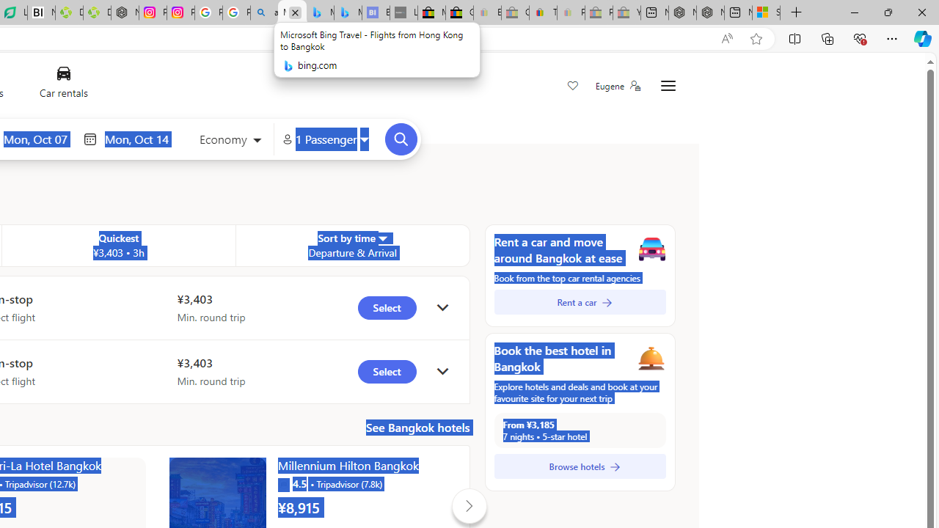 Image resolution: width=939 pixels, height=528 pixels. What do you see at coordinates (617, 86) in the screenshot?
I see `'Eugene'` at bounding box center [617, 86].